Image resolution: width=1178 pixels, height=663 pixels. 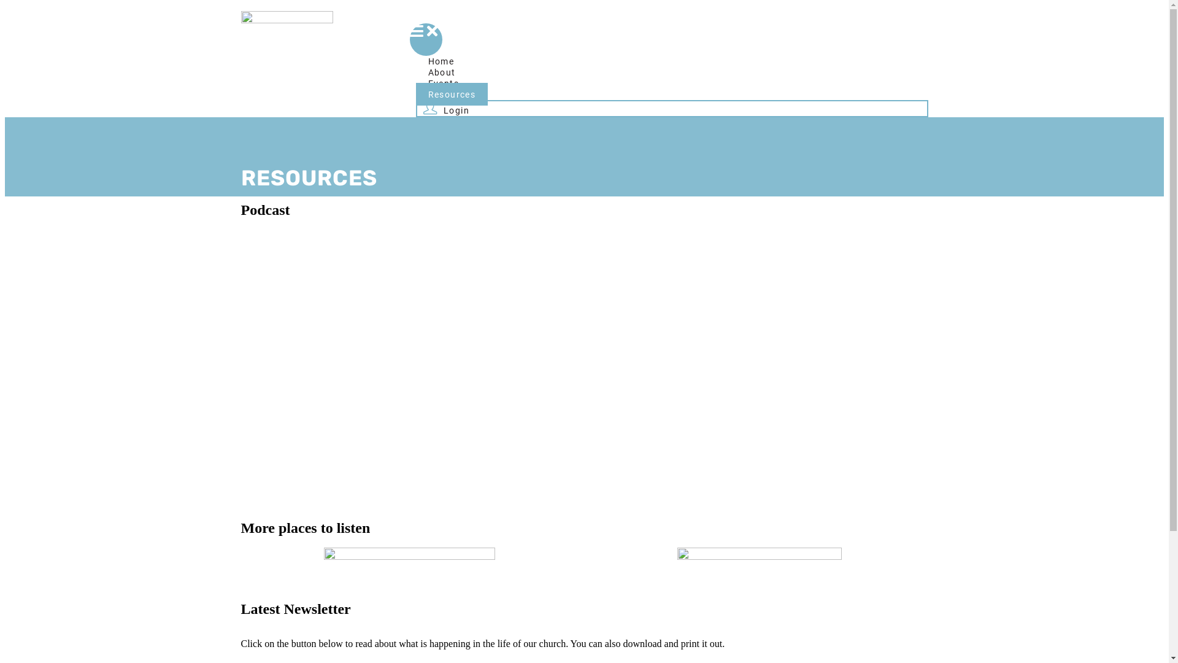 What do you see at coordinates (445, 107) in the screenshot?
I see `'Login'` at bounding box center [445, 107].